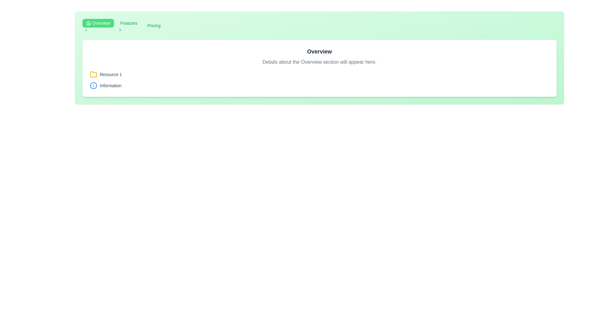 The image size is (595, 334). What do you see at coordinates (98, 23) in the screenshot?
I see `the navigation button located in the top-left corner of the interface` at bounding box center [98, 23].